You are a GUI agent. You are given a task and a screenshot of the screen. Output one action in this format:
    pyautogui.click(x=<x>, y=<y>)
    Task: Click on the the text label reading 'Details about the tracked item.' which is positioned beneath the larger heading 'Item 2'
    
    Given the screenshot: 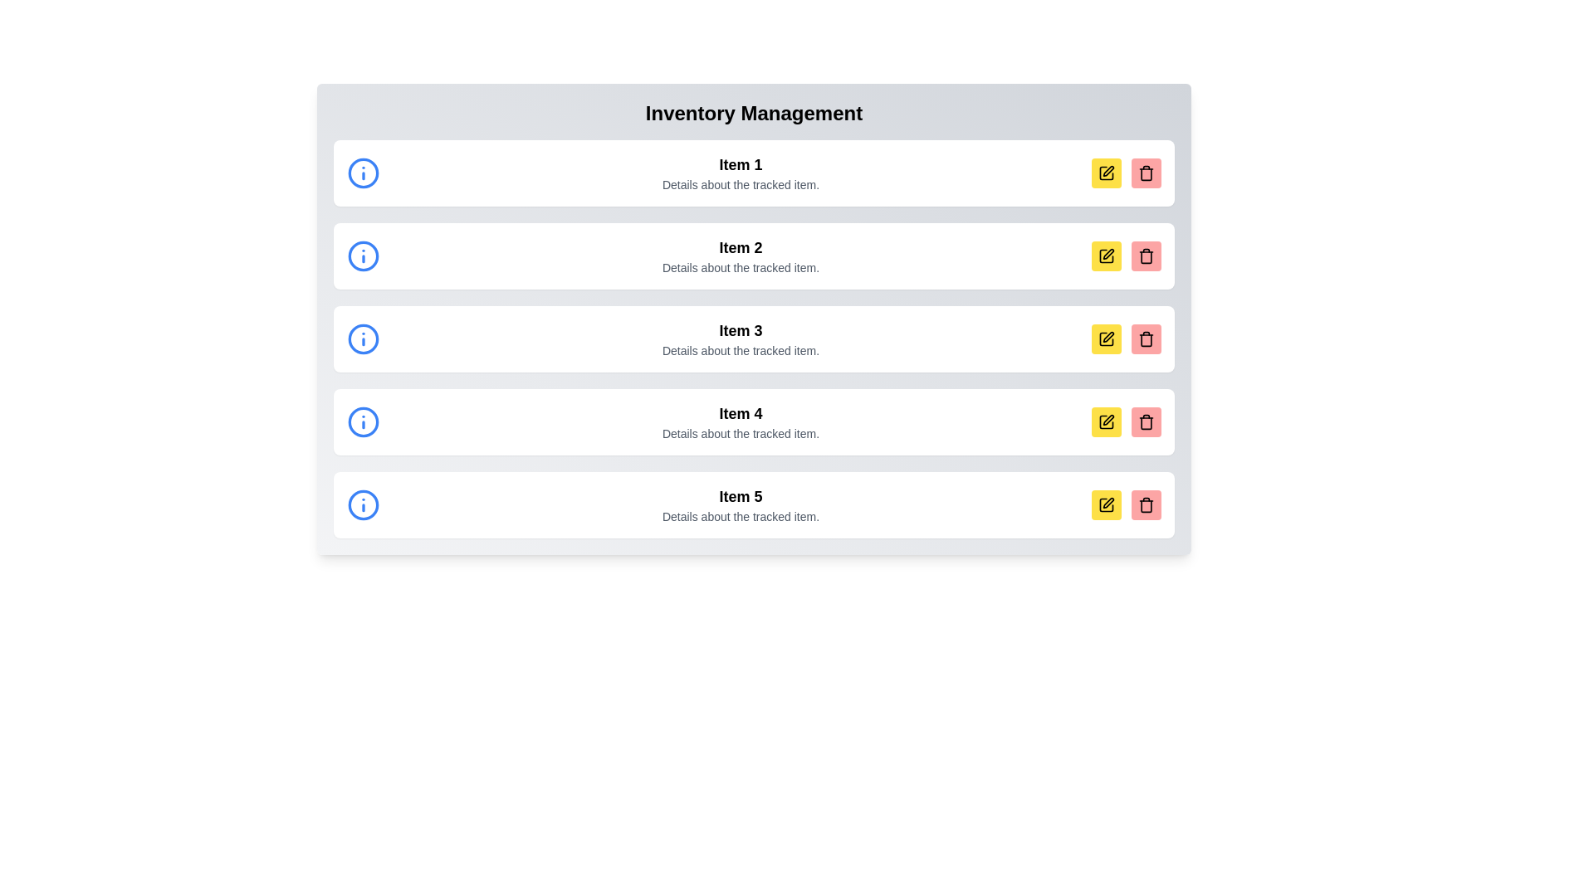 What is the action you would take?
    pyautogui.click(x=740, y=267)
    